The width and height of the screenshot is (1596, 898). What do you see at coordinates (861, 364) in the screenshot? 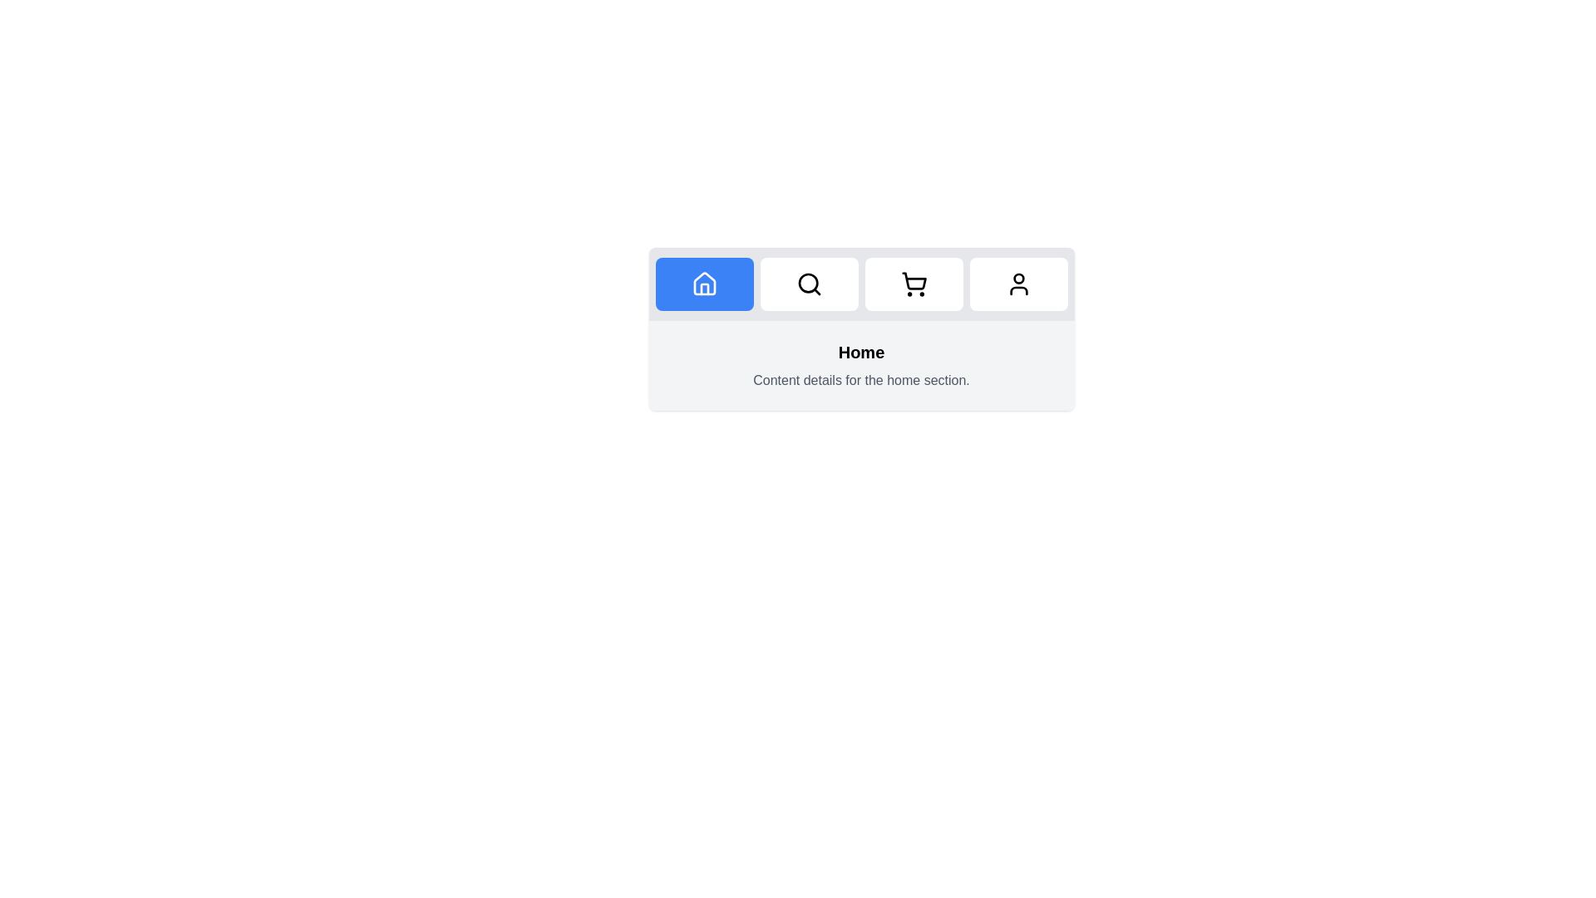
I see `the descriptive Text block that provides information about the 'Home' feature, located beneath the row of interactive icons` at bounding box center [861, 364].